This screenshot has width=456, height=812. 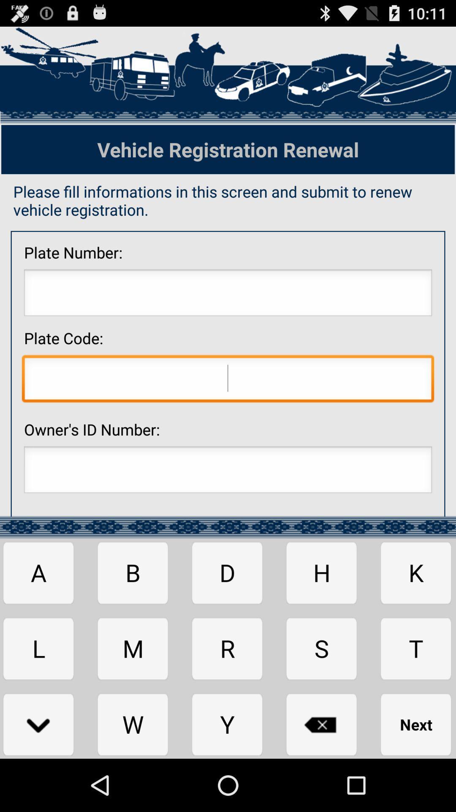 I want to click on zip code, so click(x=228, y=380).